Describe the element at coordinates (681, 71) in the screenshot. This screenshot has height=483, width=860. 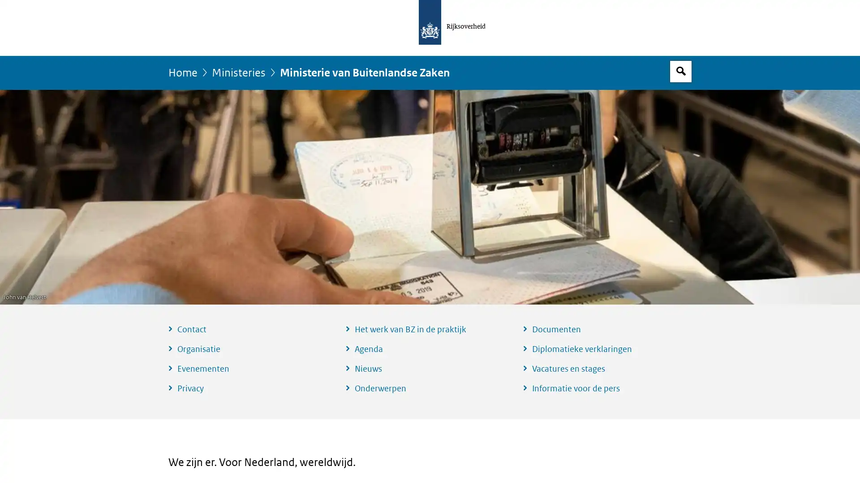
I see `Open zoekveld` at that location.